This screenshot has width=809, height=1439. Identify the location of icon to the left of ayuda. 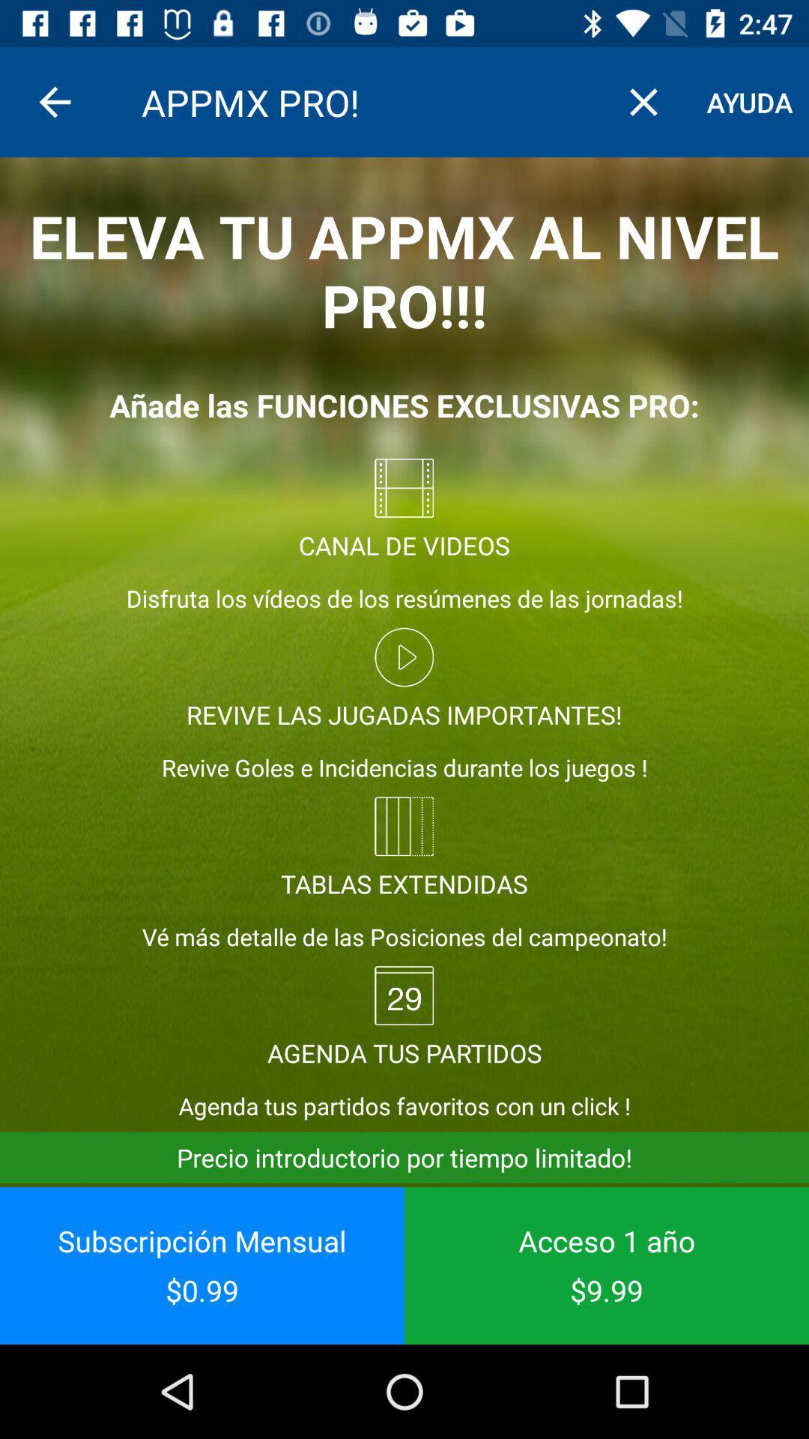
(643, 101).